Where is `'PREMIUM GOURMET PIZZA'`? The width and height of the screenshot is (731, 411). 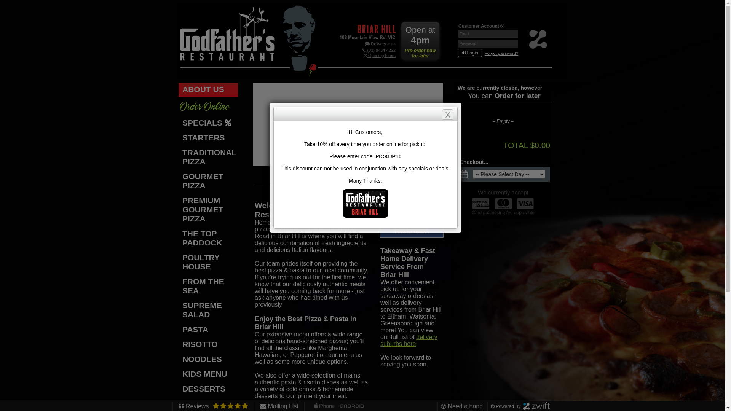
'PREMIUM GOURMET PIZZA' is located at coordinates (178, 210).